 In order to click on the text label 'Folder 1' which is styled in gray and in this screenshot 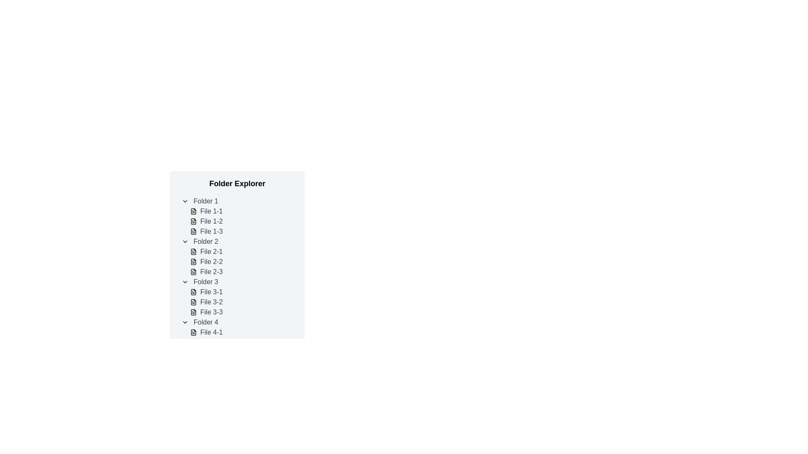, I will do `click(206, 201)`.